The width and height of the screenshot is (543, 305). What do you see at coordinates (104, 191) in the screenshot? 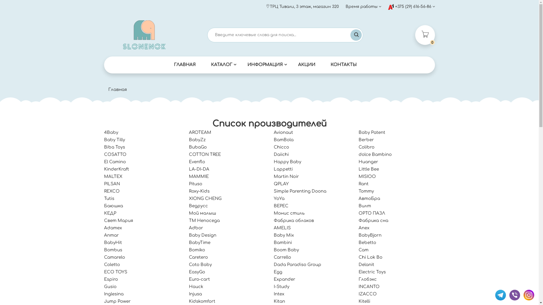
I see `'REXCO'` at bounding box center [104, 191].